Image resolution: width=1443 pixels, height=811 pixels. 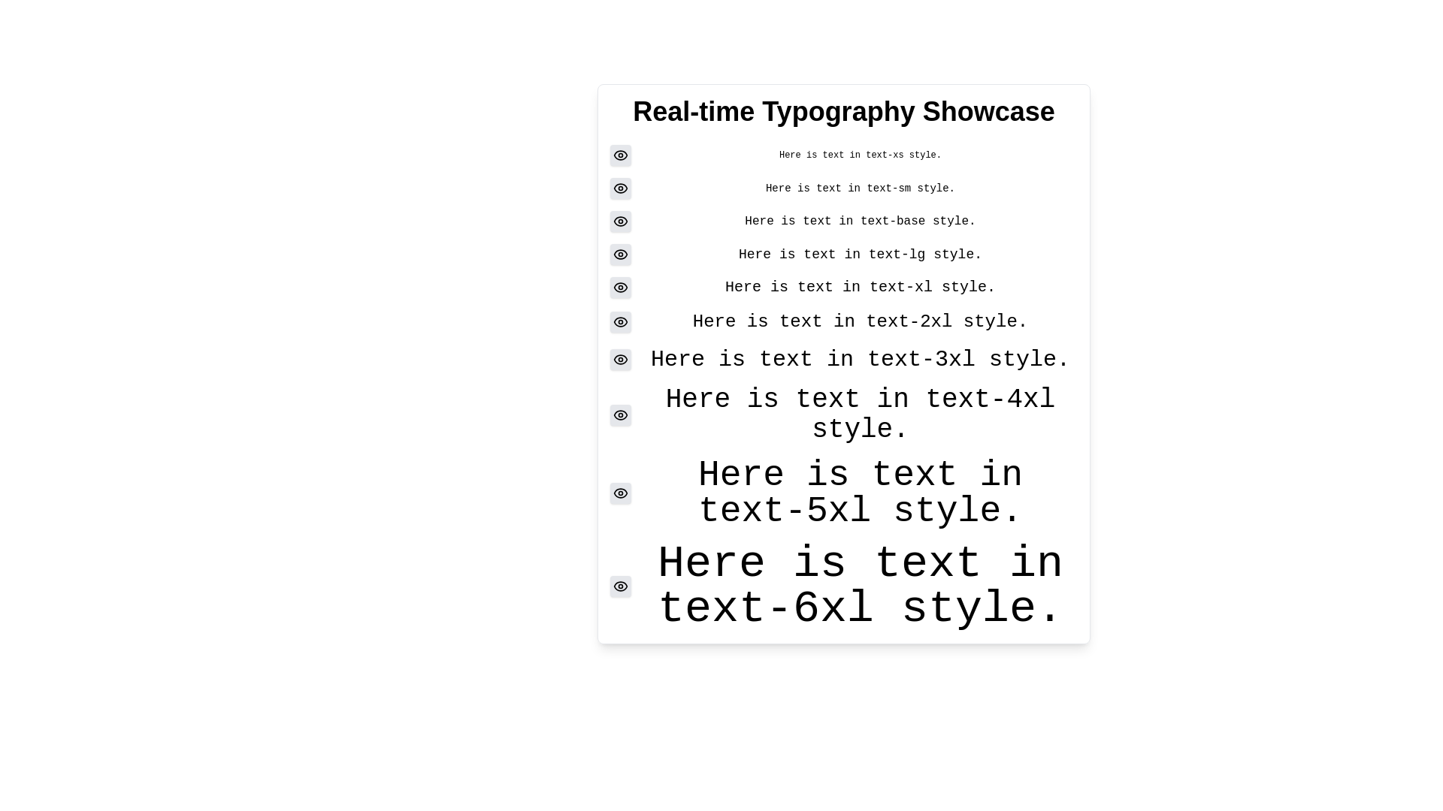 What do you see at coordinates (620, 585) in the screenshot?
I see `the eye icon located on the far left of the text 'Here is text in text-6xl style.'` at bounding box center [620, 585].